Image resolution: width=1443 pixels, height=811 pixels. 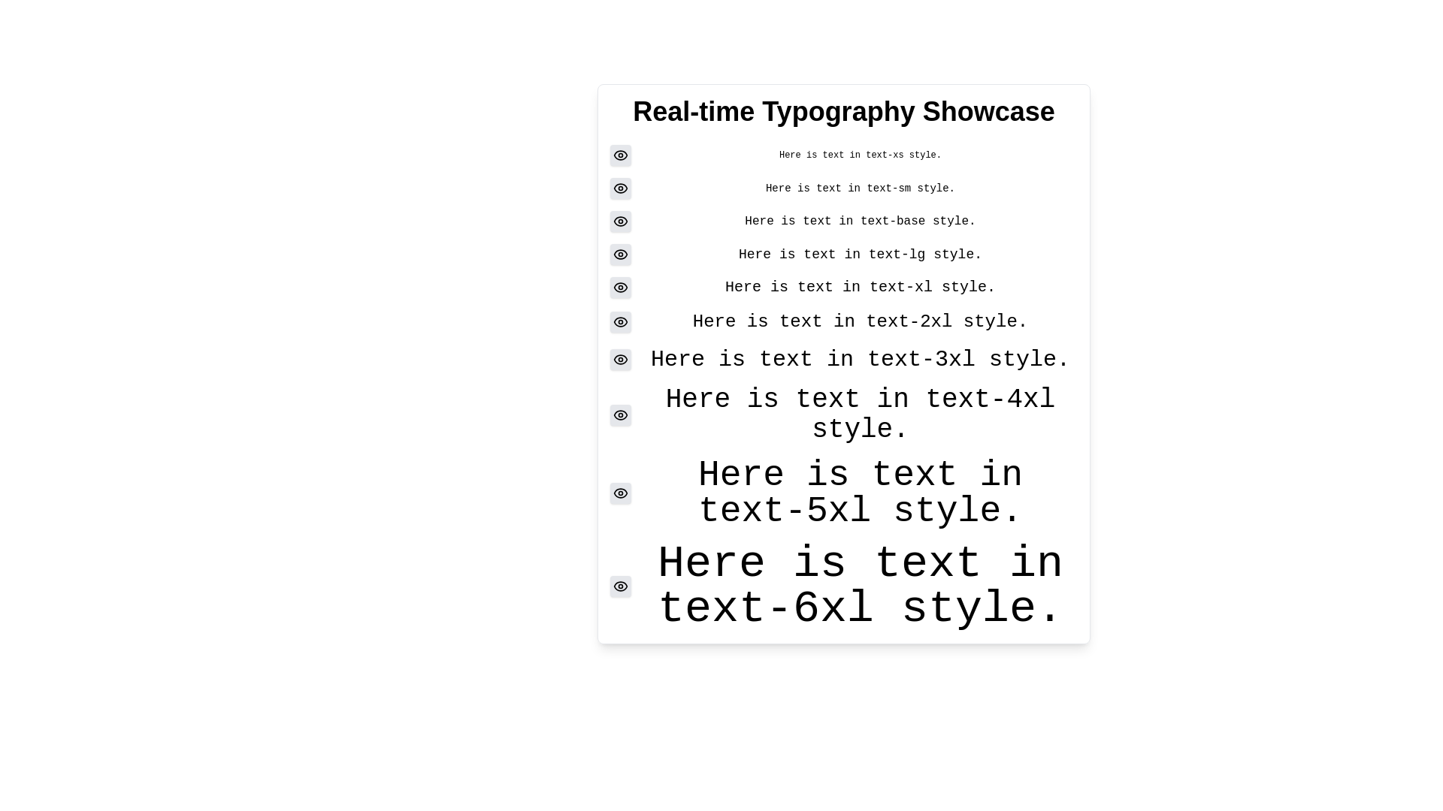 What do you see at coordinates (620, 585) in the screenshot?
I see `the eye icon located on the far left of the text 'Here is text in text-6xl style.'` at bounding box center [620, 585].